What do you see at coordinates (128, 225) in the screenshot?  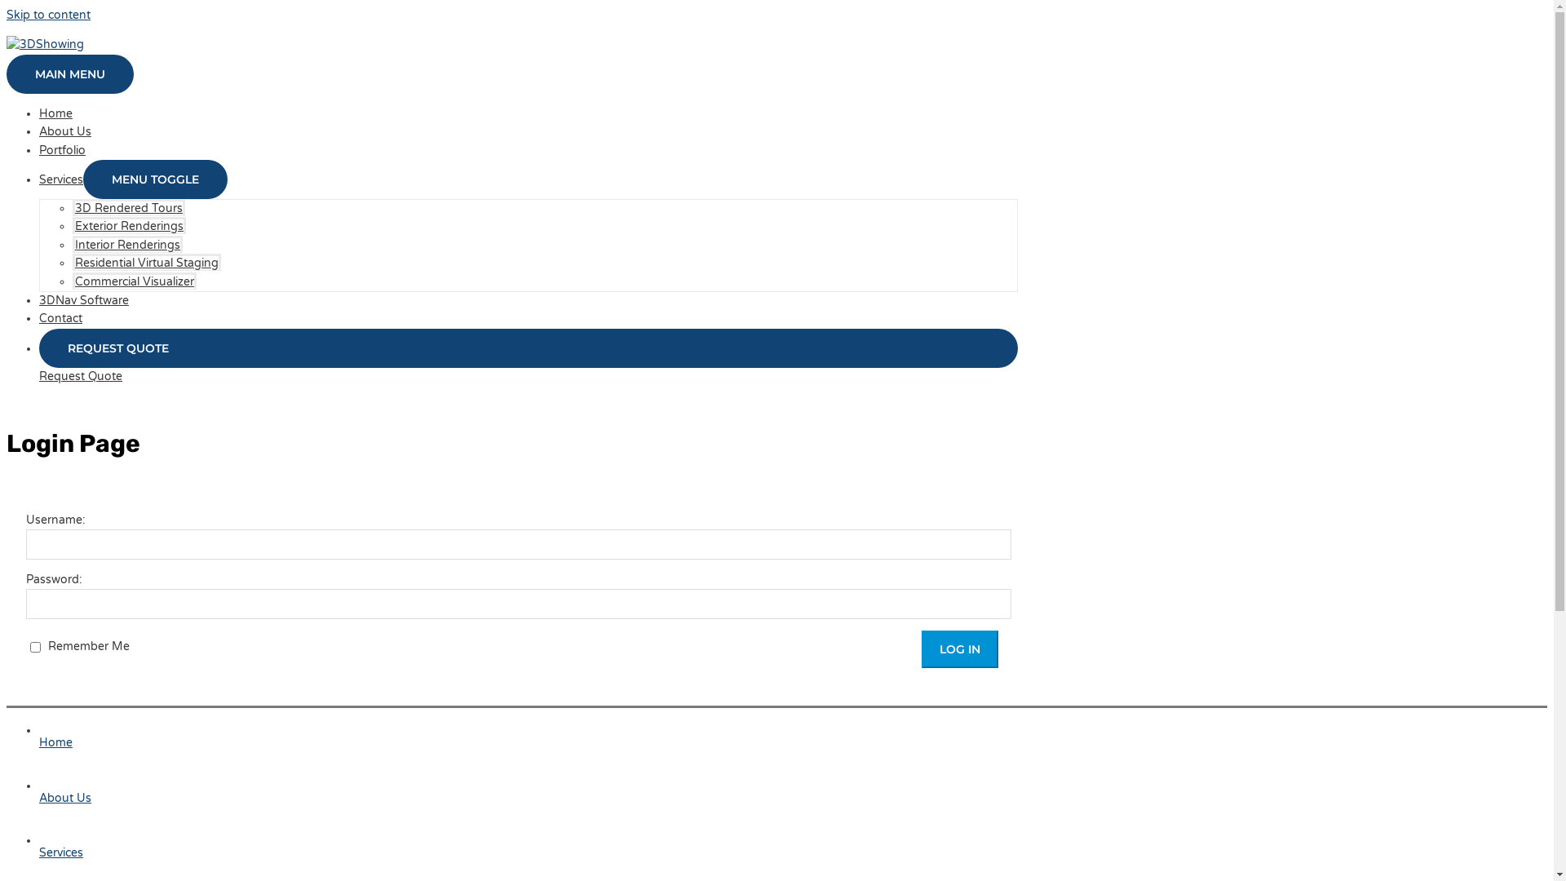 I see `'Exterior Renderings'` at bounding box center [128, 225].